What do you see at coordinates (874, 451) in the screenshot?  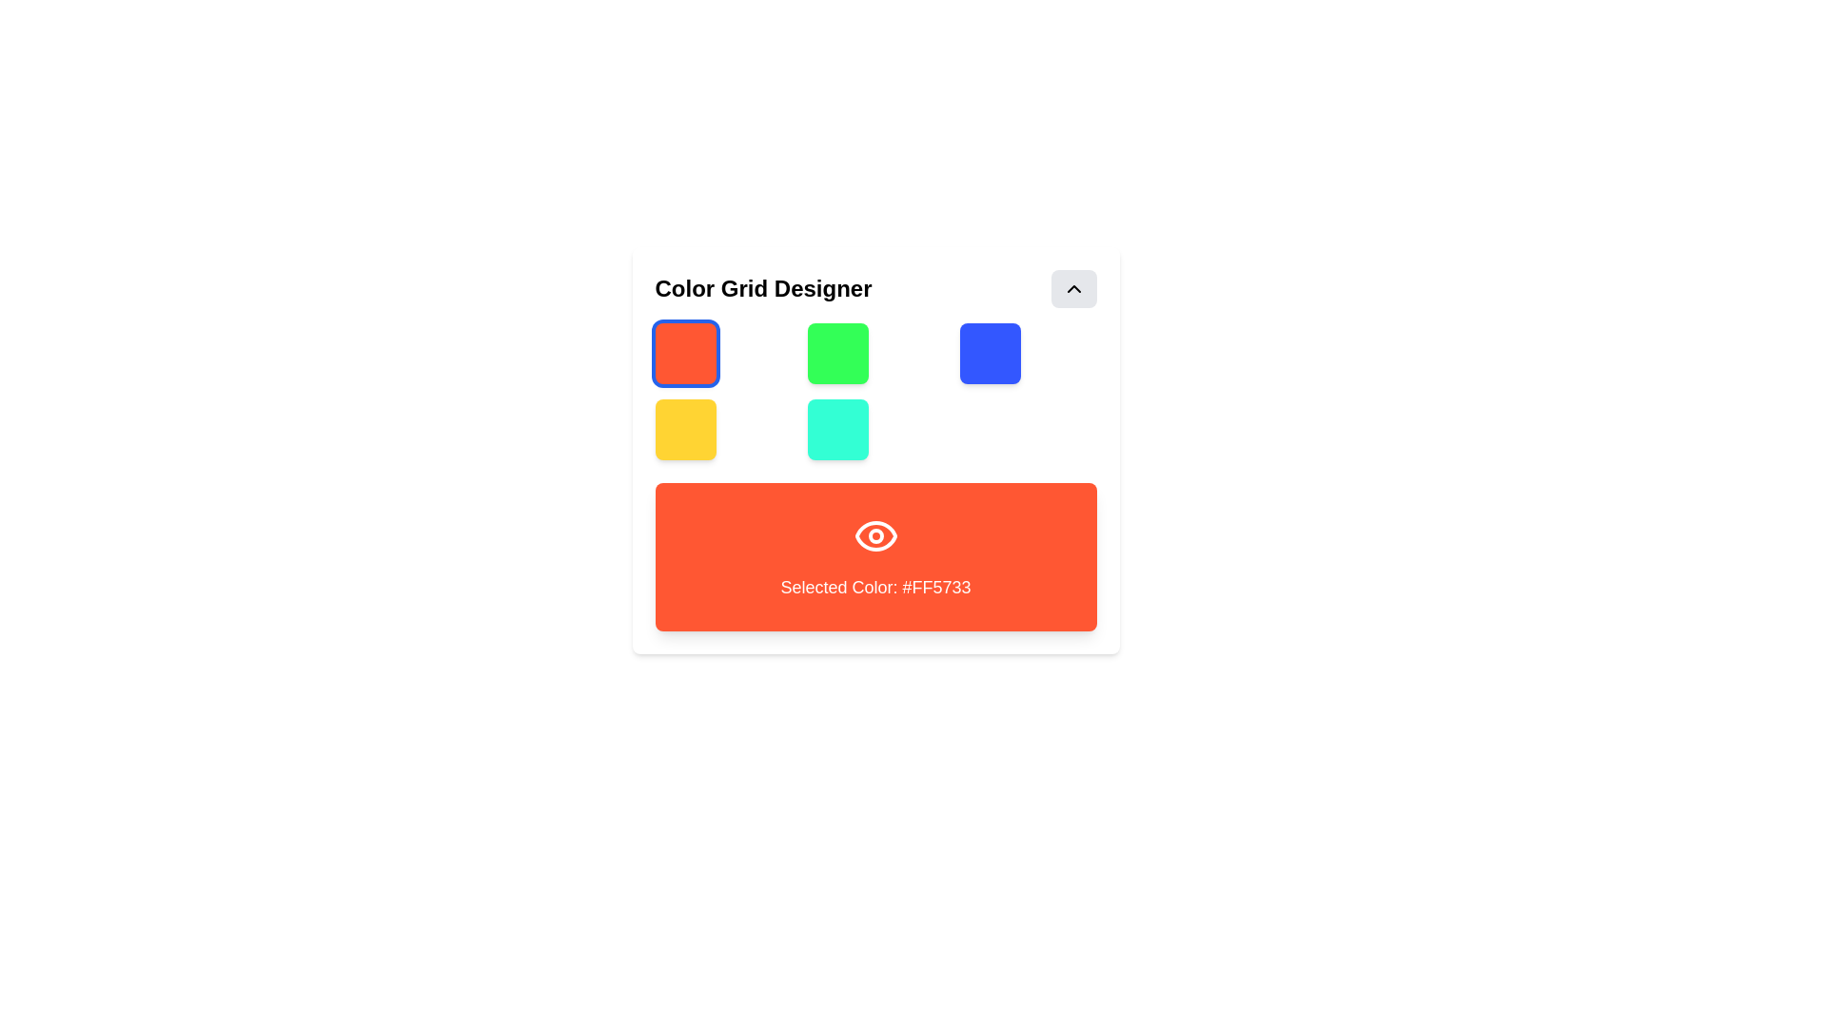 I see `the selectable color box with a light teal background located in the second row, middle column of the Color Grid Designer` at bounding box center [874, 451].